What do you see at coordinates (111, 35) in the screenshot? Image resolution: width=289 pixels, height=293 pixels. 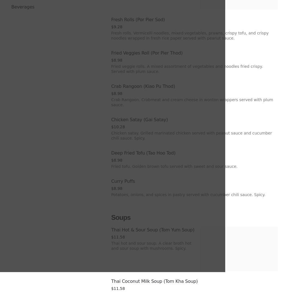 I see `'Fresh rolls. Vermicelli noodles, mixed vegetables, prawns, crispy tofu, and crispy noodles wrapped in fresh rice paper served with peanut sauce.'` at bounding box center [111, 35].